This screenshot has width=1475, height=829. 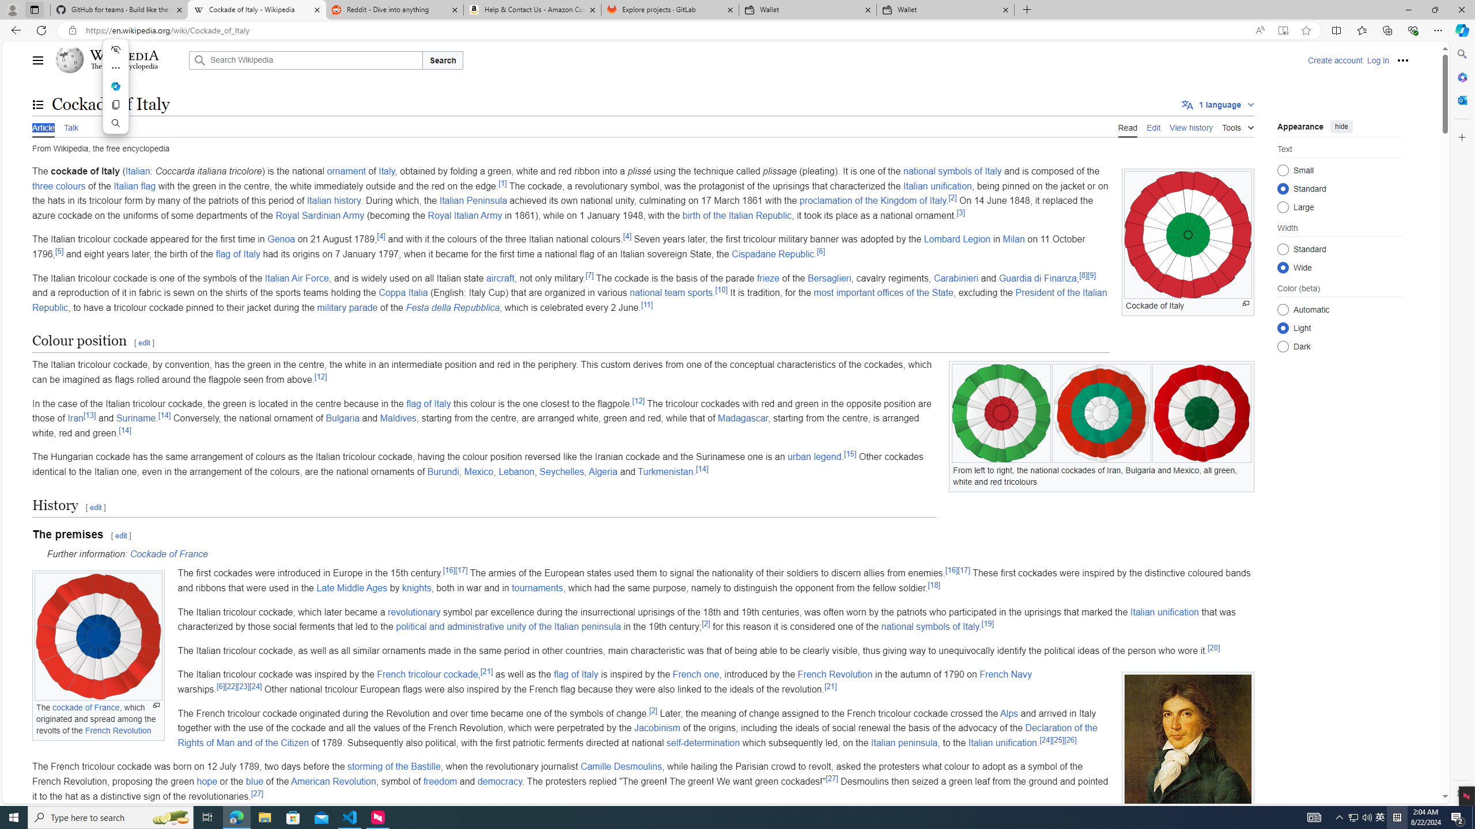 I want to click on 'Wide', so click(x=1283, y=267).